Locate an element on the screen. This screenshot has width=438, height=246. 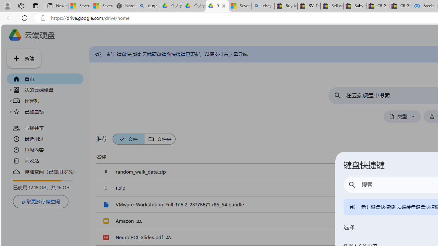
'guge yunpan - Search' is located at coordinates (148, 6).